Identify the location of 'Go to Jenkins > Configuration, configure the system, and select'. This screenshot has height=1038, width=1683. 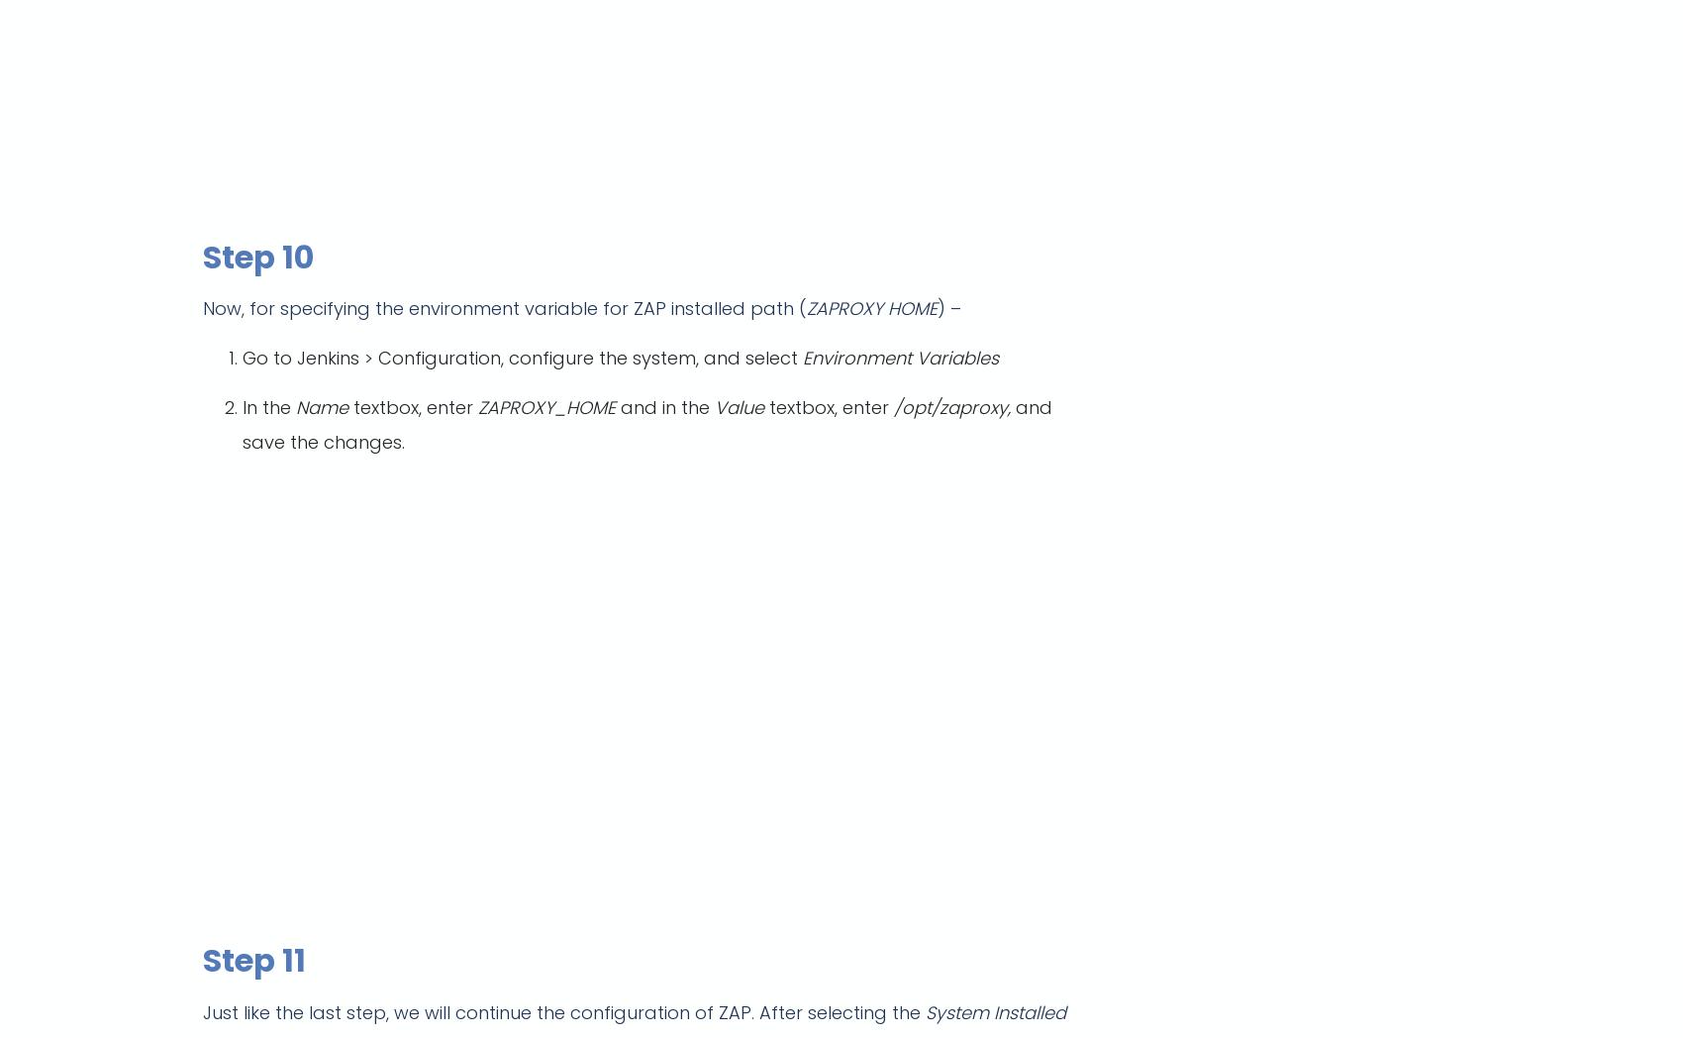
(523, 357).